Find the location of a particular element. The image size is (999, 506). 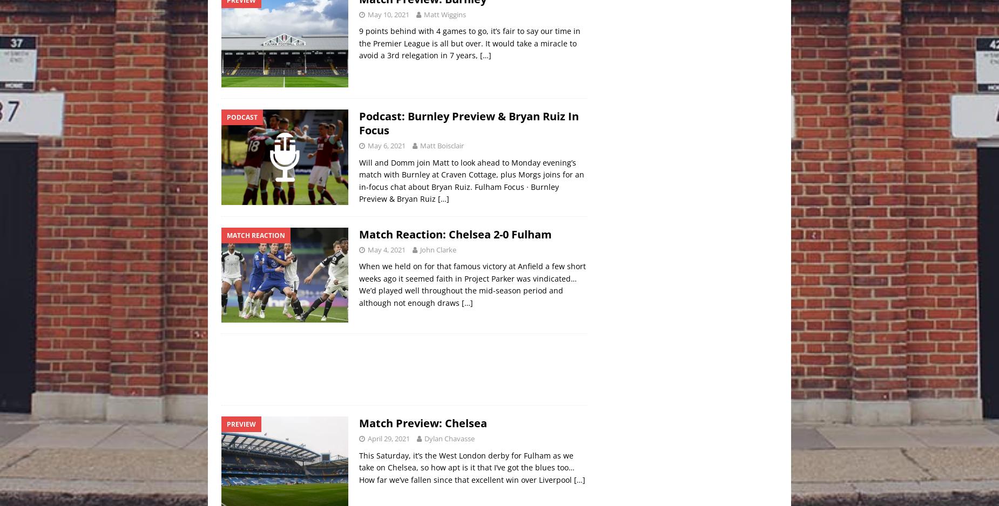

'Podcast' is located at coordinates (241, 117).